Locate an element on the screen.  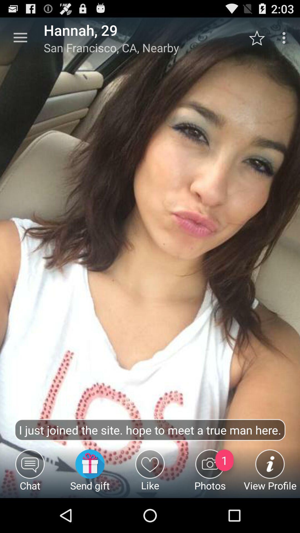
the item next to like is located at coordinates (90, 473).